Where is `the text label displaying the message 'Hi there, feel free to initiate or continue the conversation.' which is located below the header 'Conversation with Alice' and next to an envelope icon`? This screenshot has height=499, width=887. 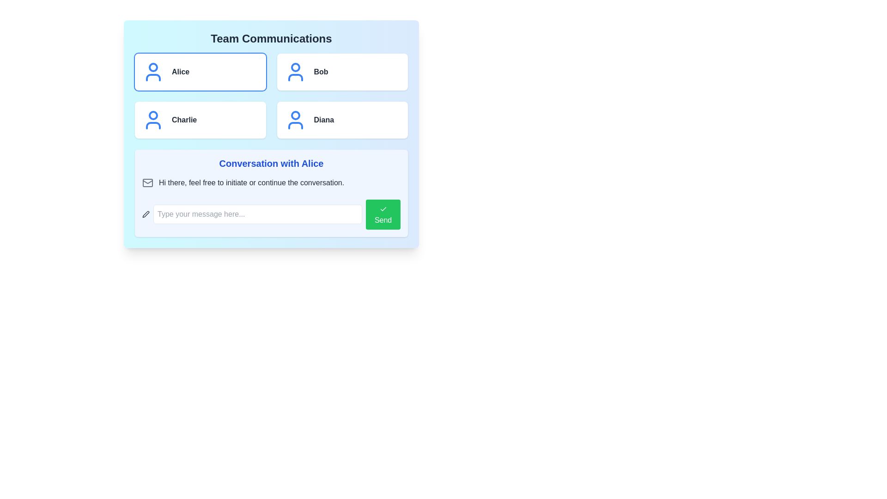
the text label displaying the message 'Hi there, feel free to initiate or continue the conversation.' which is located below the header 'Conversation with Alice' and next to an envelope icon is located at coordinates (251, 183).